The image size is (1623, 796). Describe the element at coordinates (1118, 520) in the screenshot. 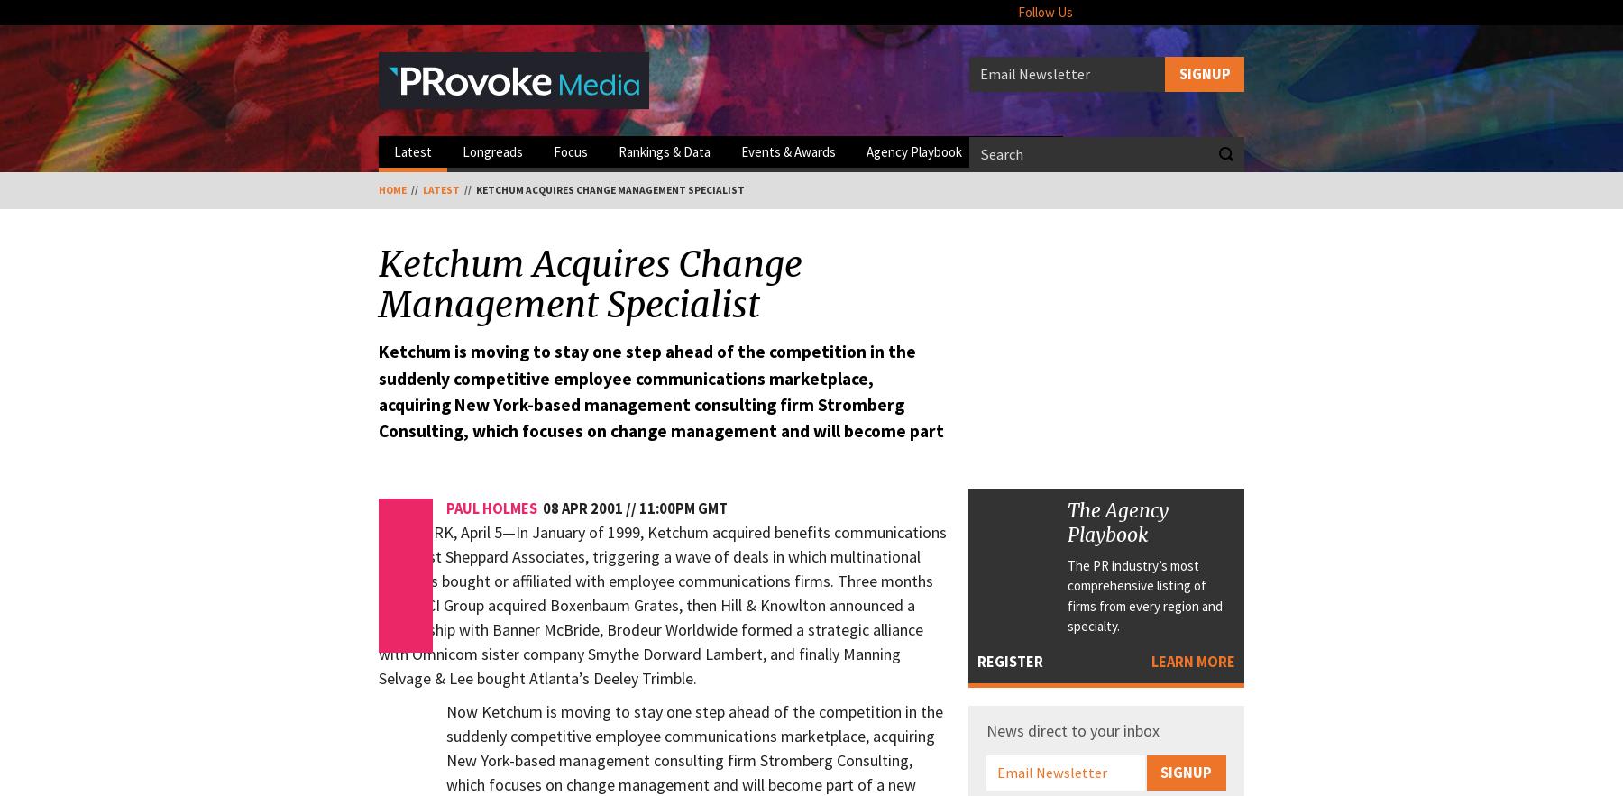

I see `'The Agency Playbook'` at that location.